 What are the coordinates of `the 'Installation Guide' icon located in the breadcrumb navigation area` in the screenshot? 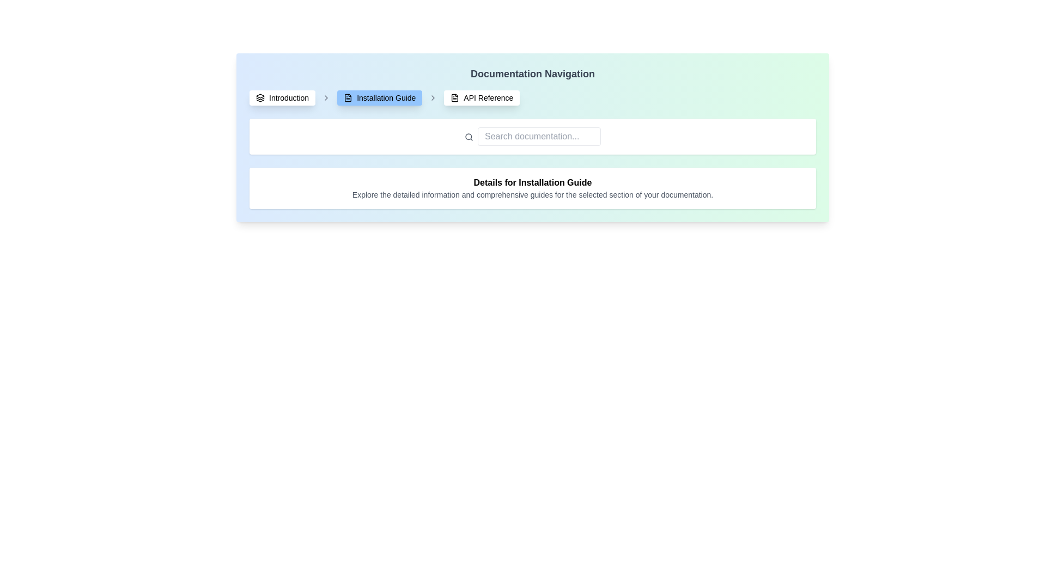 It's located at (348, 98).